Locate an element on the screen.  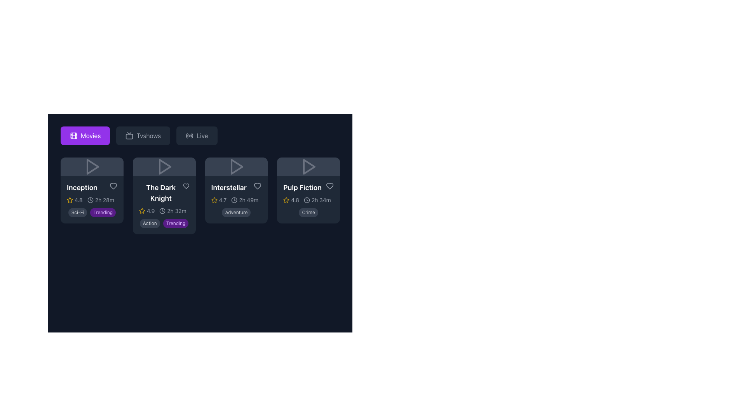
the 'Live' text label is located at coordinates (202, 135).